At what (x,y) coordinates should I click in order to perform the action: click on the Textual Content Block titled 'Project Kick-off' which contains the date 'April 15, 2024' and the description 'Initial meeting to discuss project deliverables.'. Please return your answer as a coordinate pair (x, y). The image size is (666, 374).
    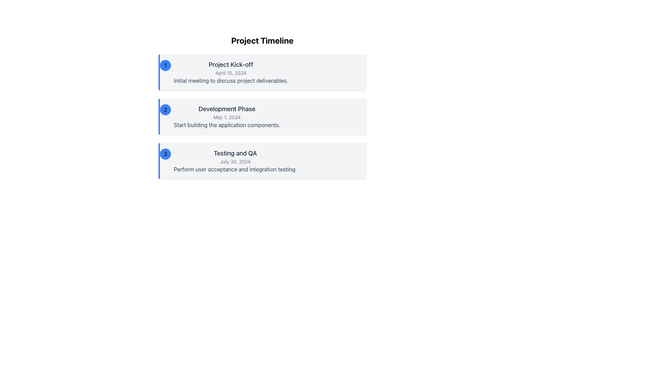
    Looking at the image, I should click on (231, 72).